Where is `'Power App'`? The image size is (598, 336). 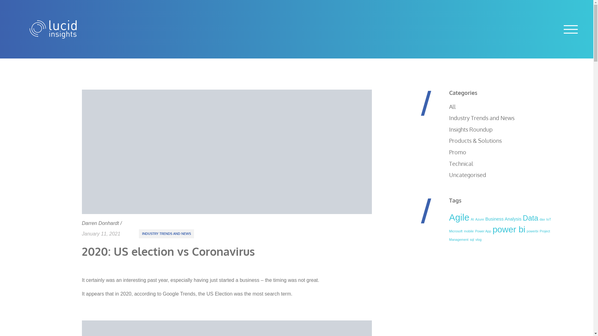 'Power App' is located at coordinates (482, 231).